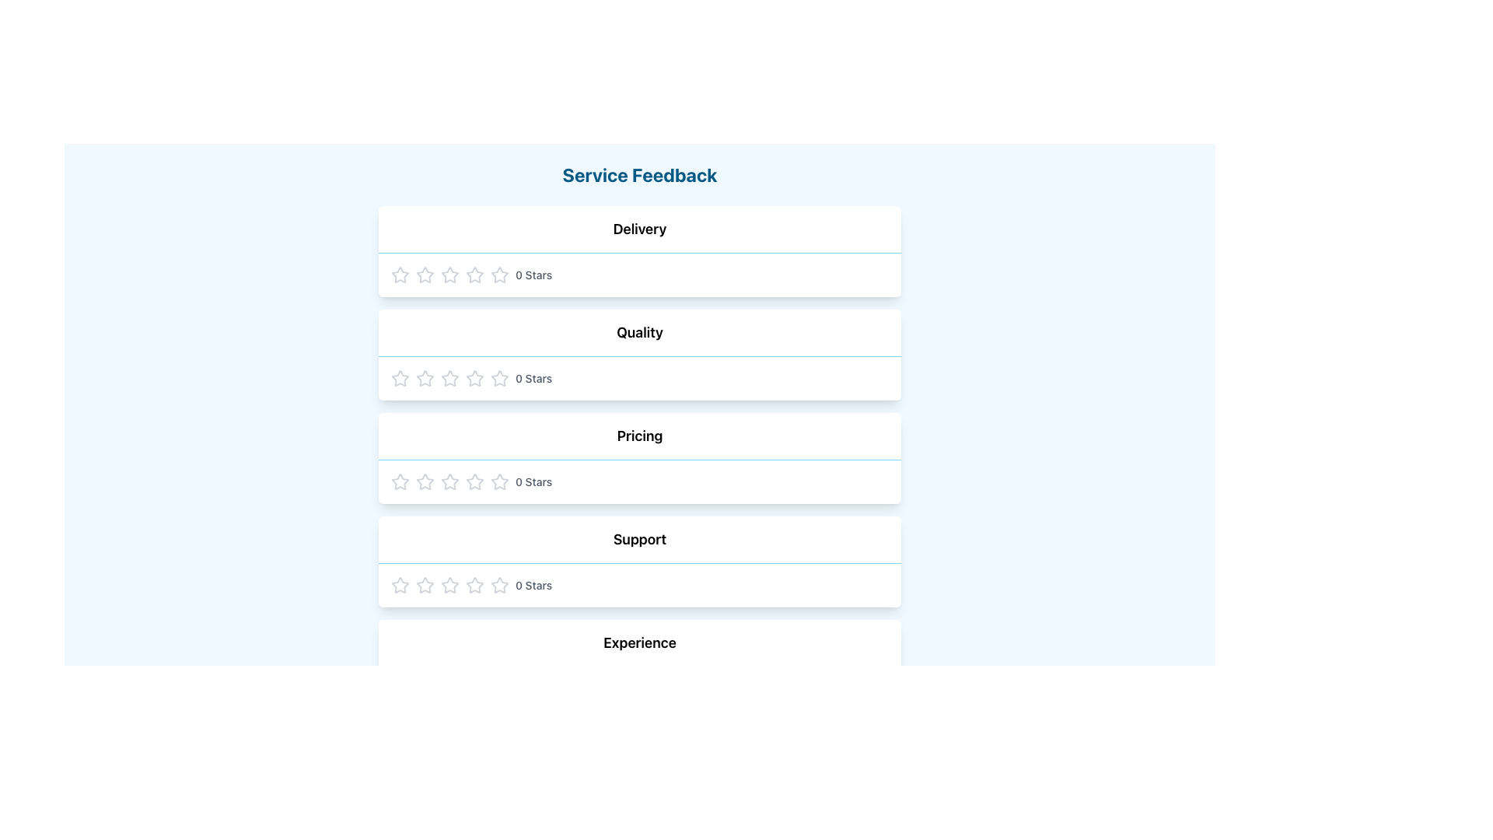 The image size is (1493, 840). I want to click on the fifth interactive rating star icon, so click(474, 275).